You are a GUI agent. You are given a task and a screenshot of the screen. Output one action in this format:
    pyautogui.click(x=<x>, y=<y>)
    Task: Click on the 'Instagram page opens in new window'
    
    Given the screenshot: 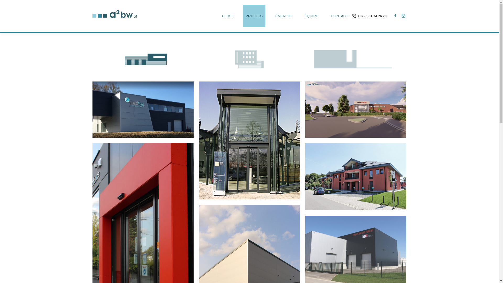 What is the action you would take?
    pyautogui.click(x=403, y=15)
    